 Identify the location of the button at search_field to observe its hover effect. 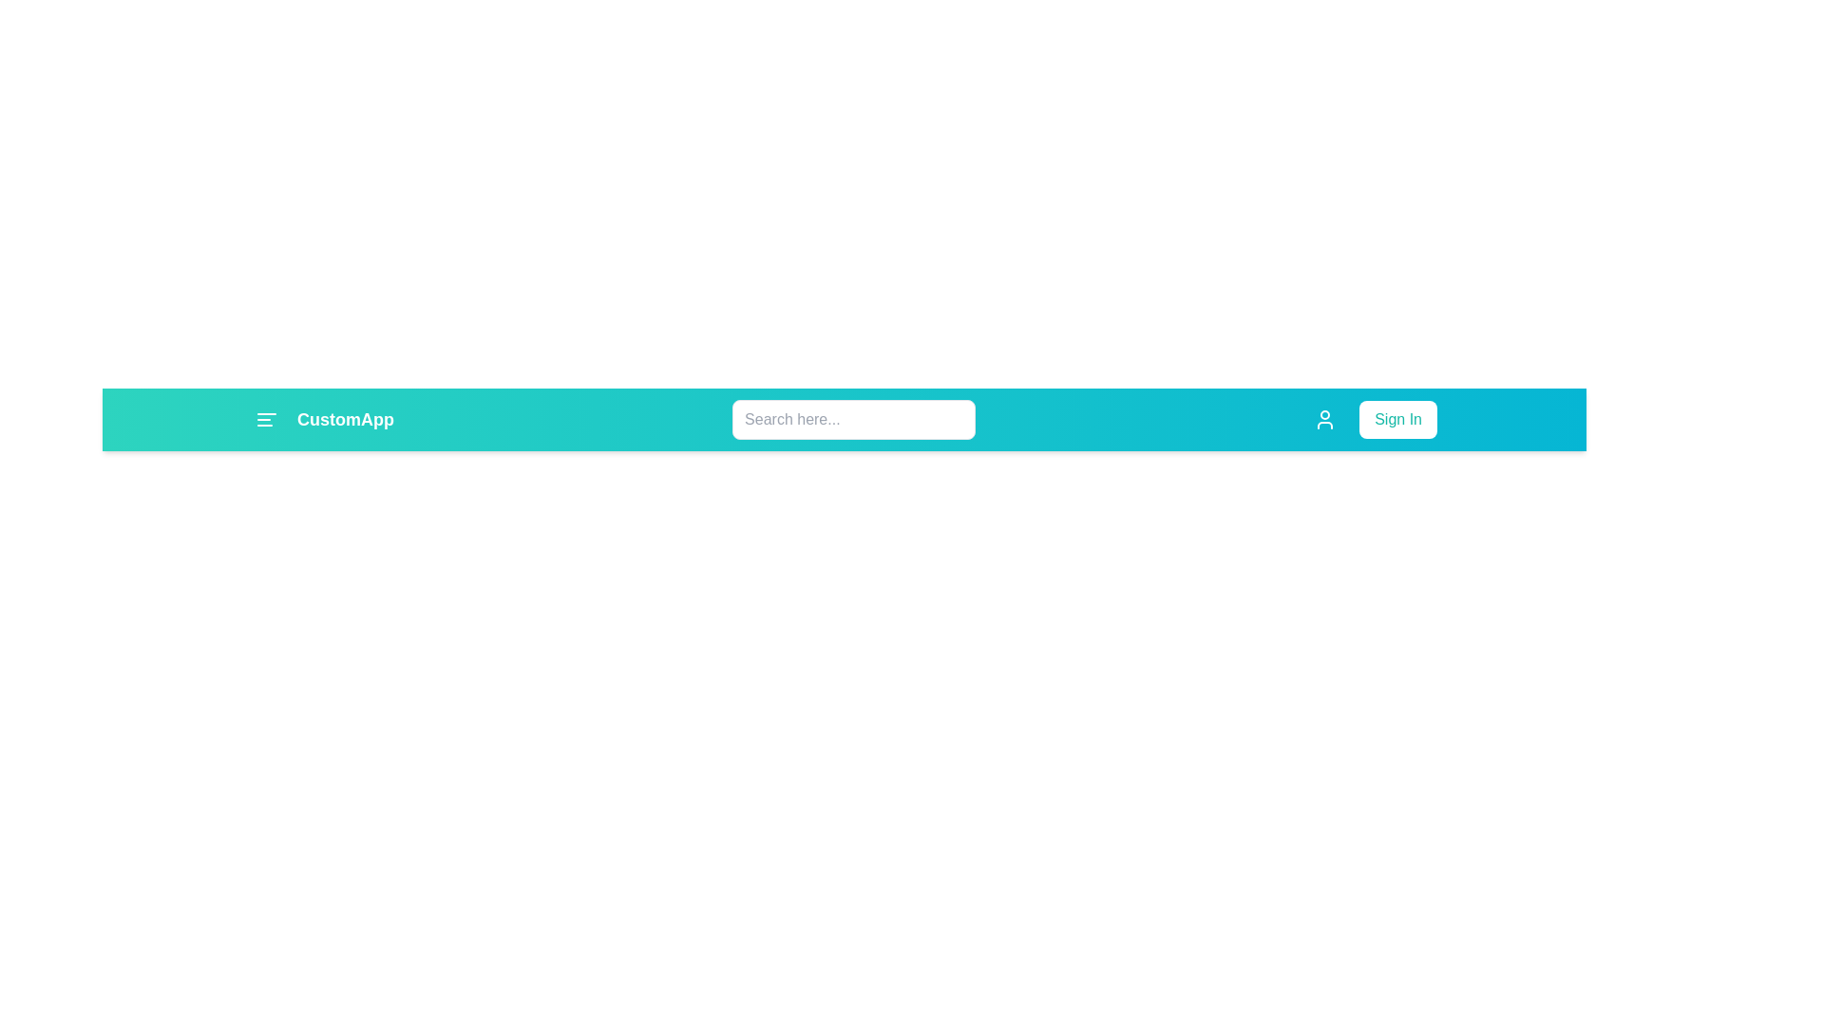
(852, 419).